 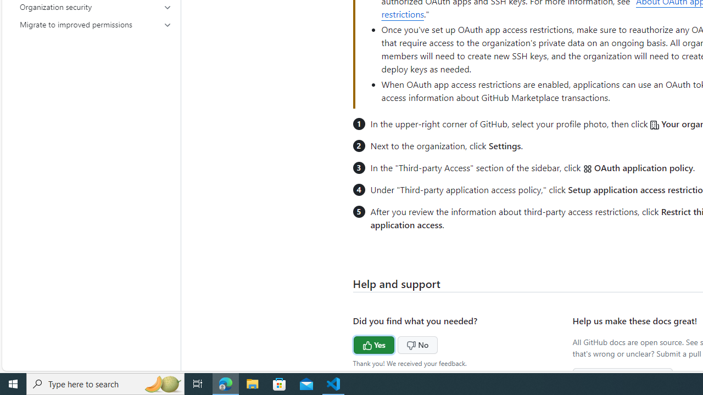 I want to click on 'Yes', so click(x=353, y=343).